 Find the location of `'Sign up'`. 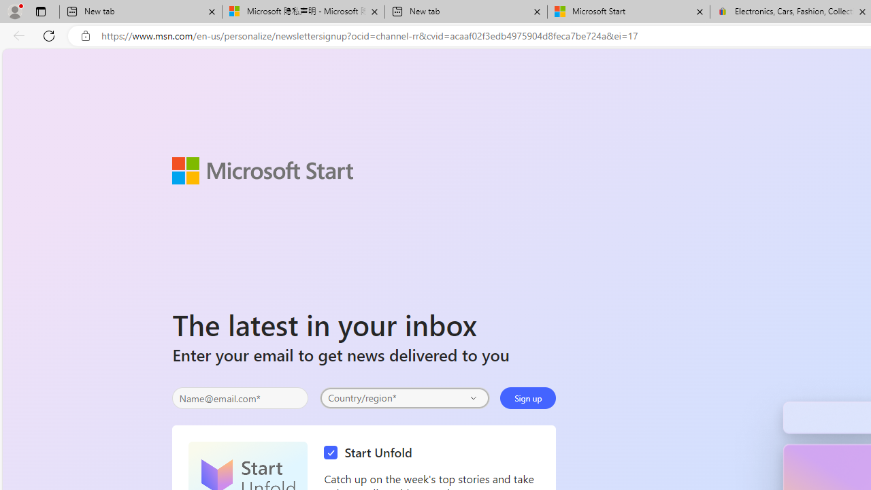

'Sign up' is located at coordinates (527, 398).